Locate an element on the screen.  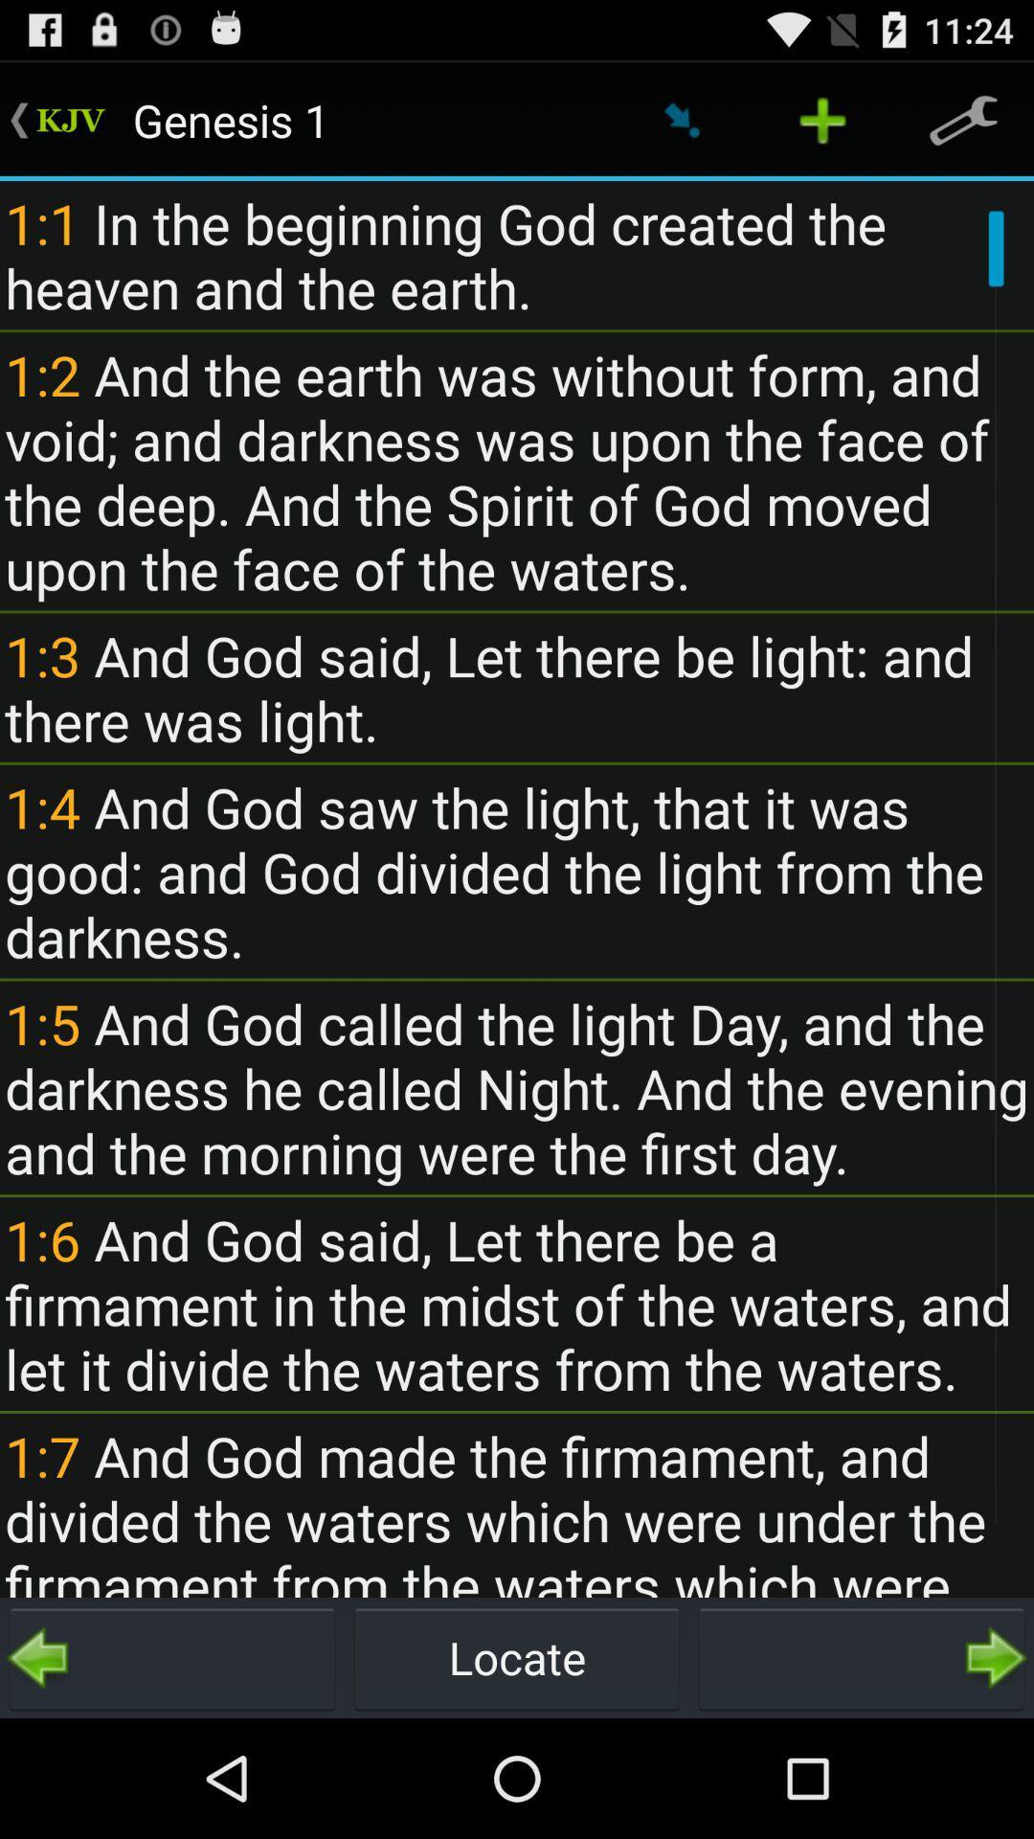
the icon below 1 7 and app is located at coordinates (172, 1657).